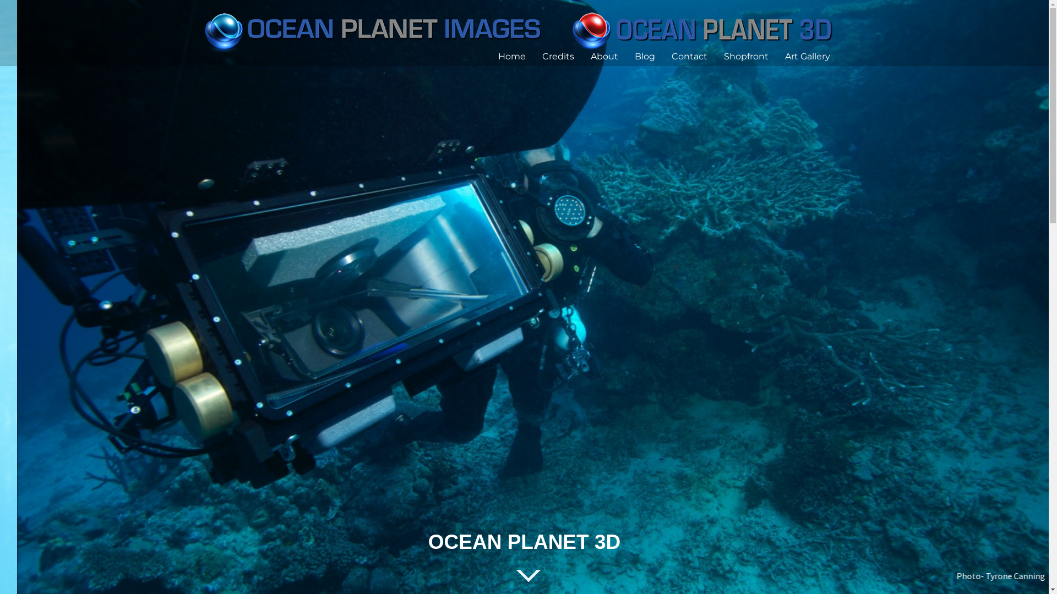  What do you see at coordinates (521, 29) in the screenshot?
I see `'Cutting edge underwater production'` at bounding box center [521, 29].